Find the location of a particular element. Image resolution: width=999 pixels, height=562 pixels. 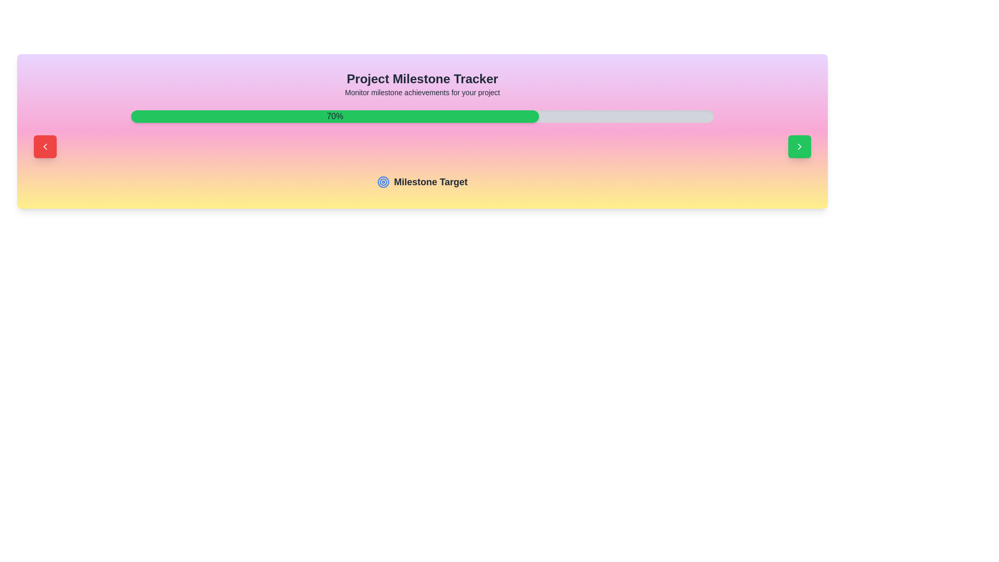

text from the text area displaying 'Project Milestone Tracker' and its subtitle 'Monitor milestone achievements for your project' located at the top-center of the gradient-filled card layout is located at coordinates (422, 84).